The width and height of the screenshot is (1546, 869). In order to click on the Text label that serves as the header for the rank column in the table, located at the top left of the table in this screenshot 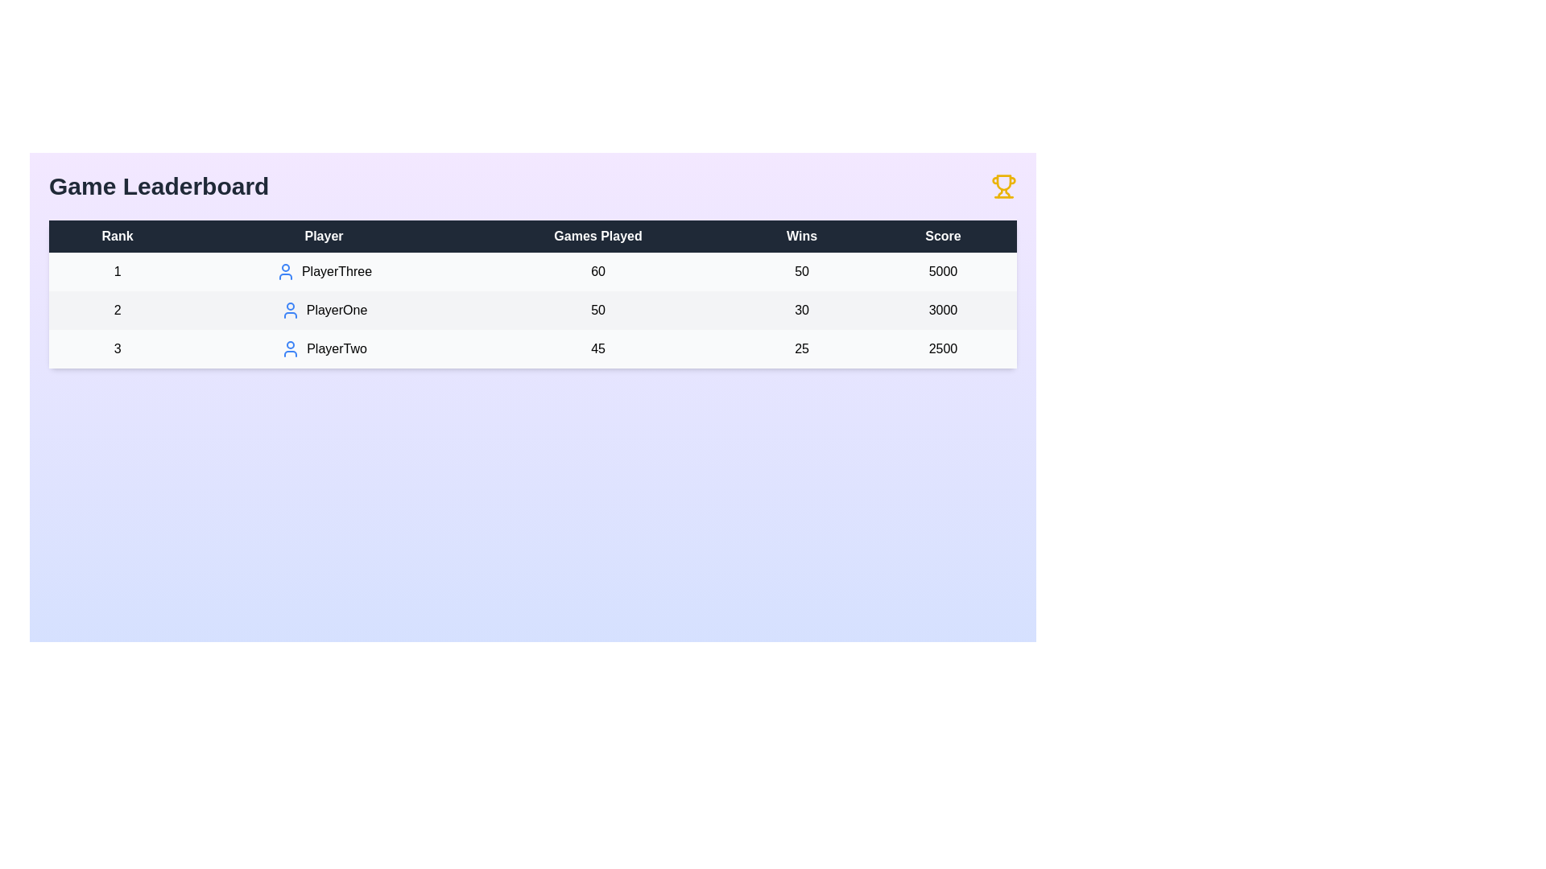, I will do `click(117, 236)`.